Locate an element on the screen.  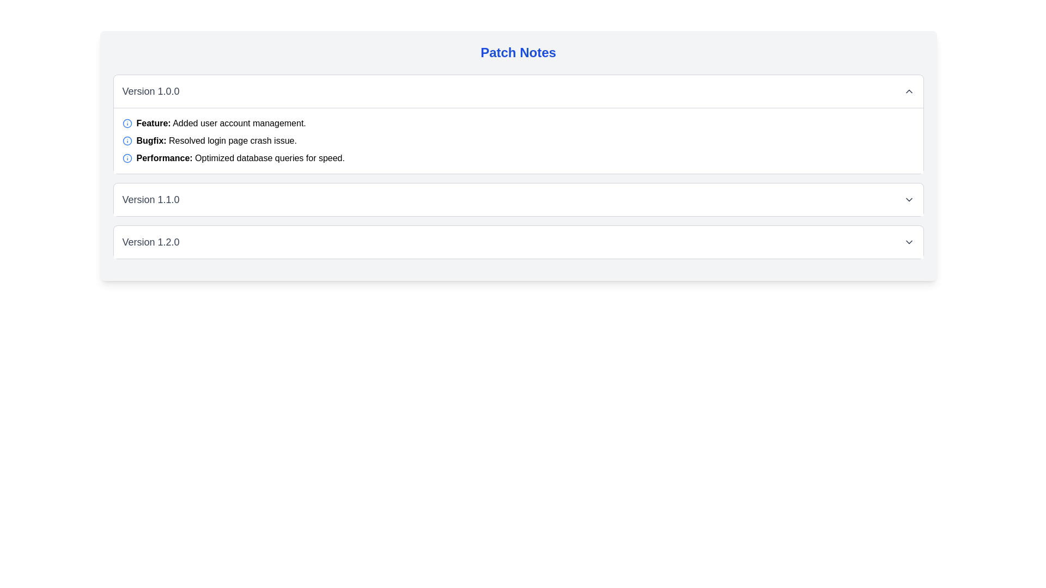
text label that states 'Bugfix: Resolved login page crash issue.' which is the second entry in the list of changes for version 1.0.0 is located at coordinates (216, 140).